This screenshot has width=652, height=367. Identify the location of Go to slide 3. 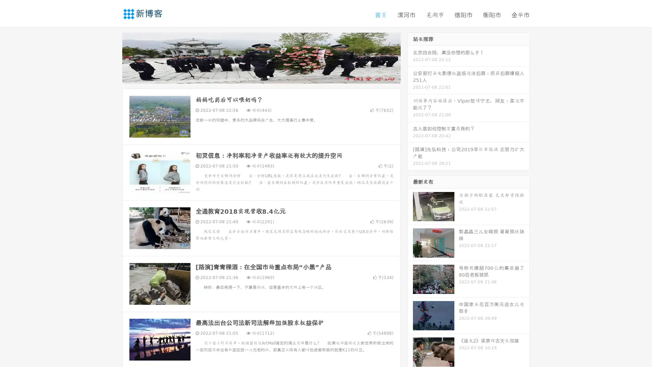
(268, 76).